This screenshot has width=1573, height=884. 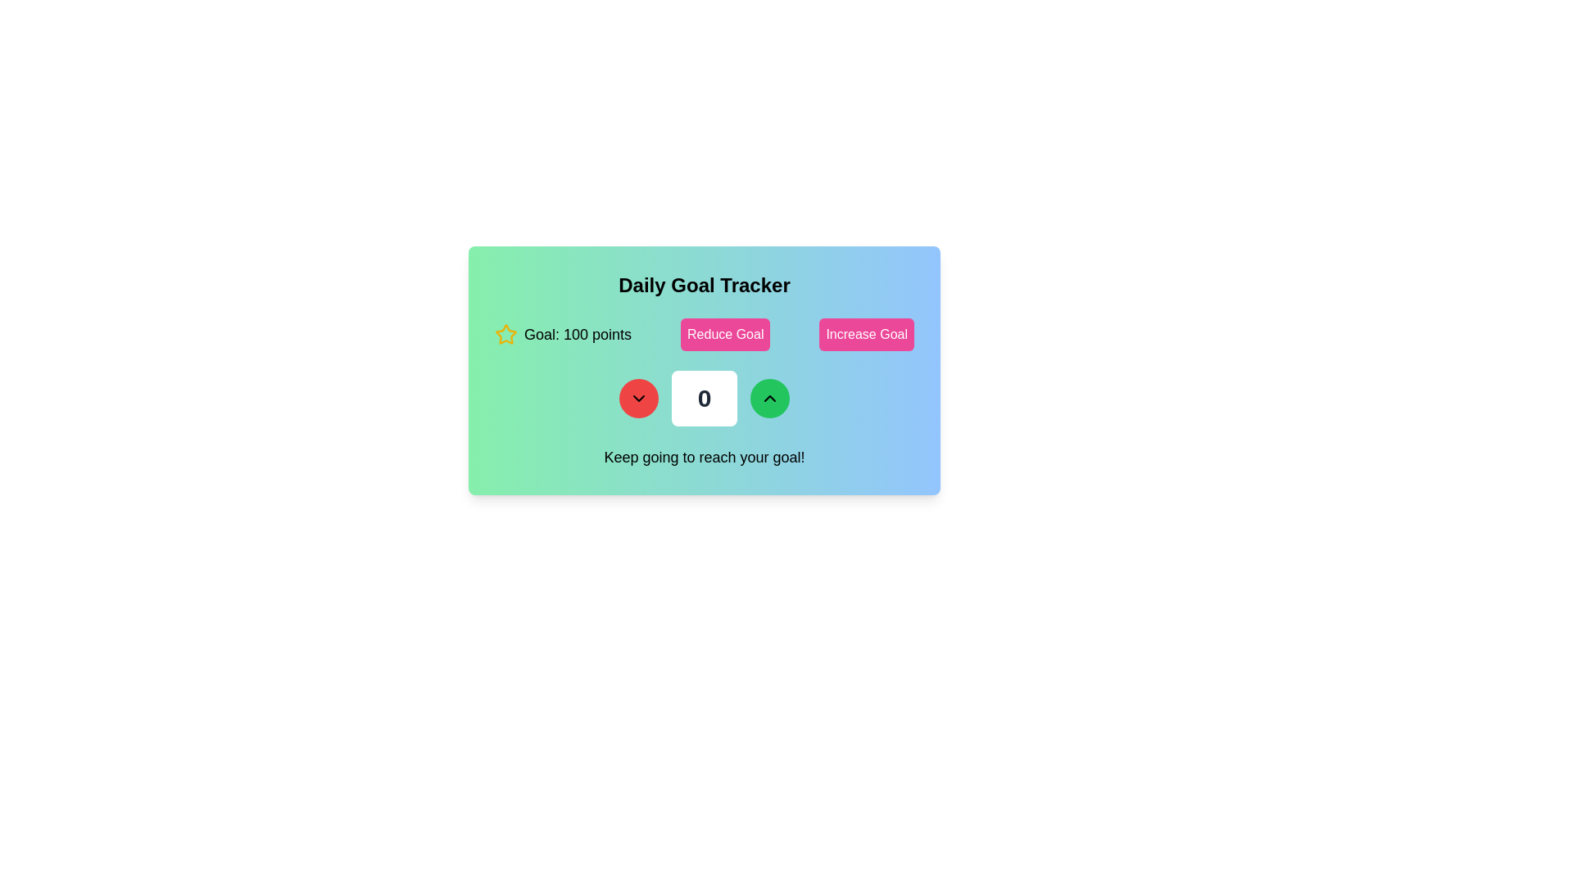 I want to click on the interactive button designed to increase the numerical goal, located to the right of the 'Reduce Goal' button, so click(x=866, y=333).